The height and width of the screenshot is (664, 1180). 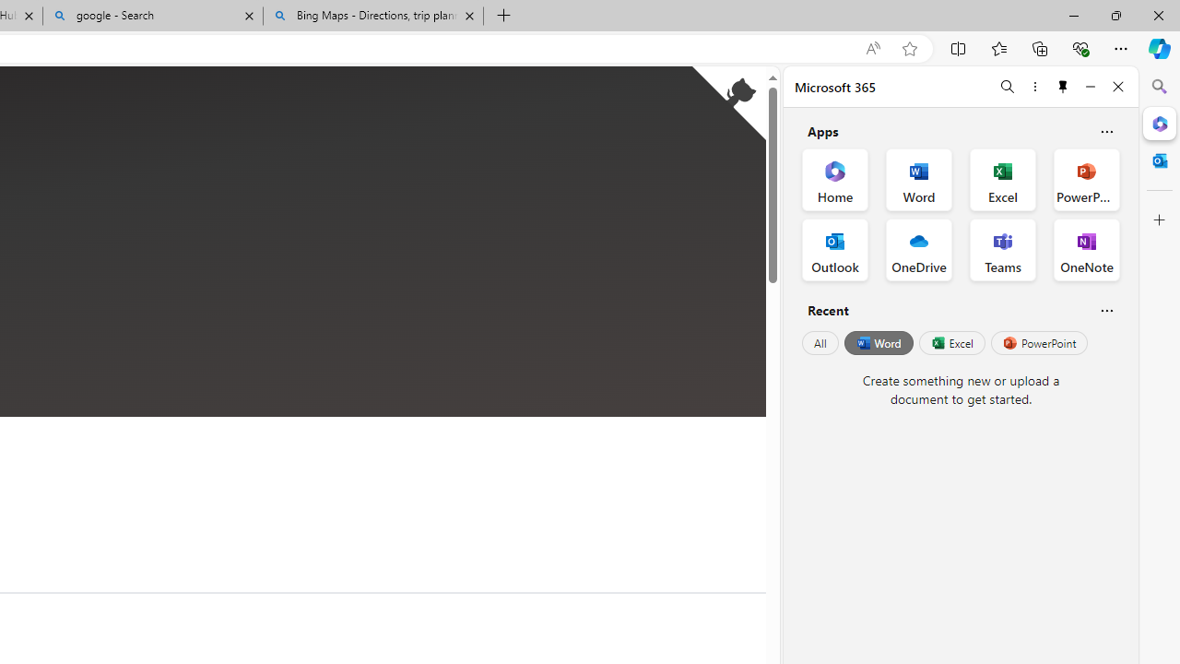 What do you see at coordinates (820, 343) in the screenshot?
I see `'All'` at bounding box center [820, 343].